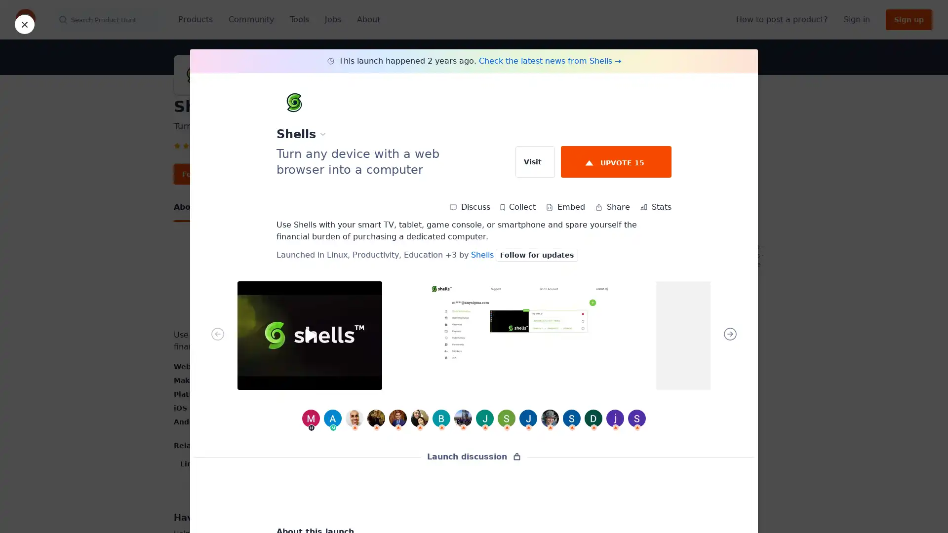  I want to click on Stats, so click(656, 207).